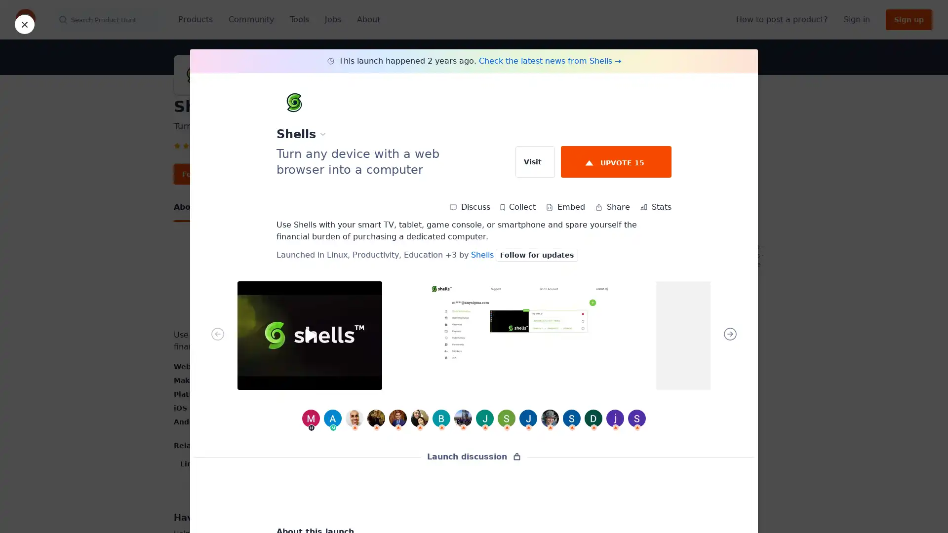  I want to click on Stats, so click(656, 207).